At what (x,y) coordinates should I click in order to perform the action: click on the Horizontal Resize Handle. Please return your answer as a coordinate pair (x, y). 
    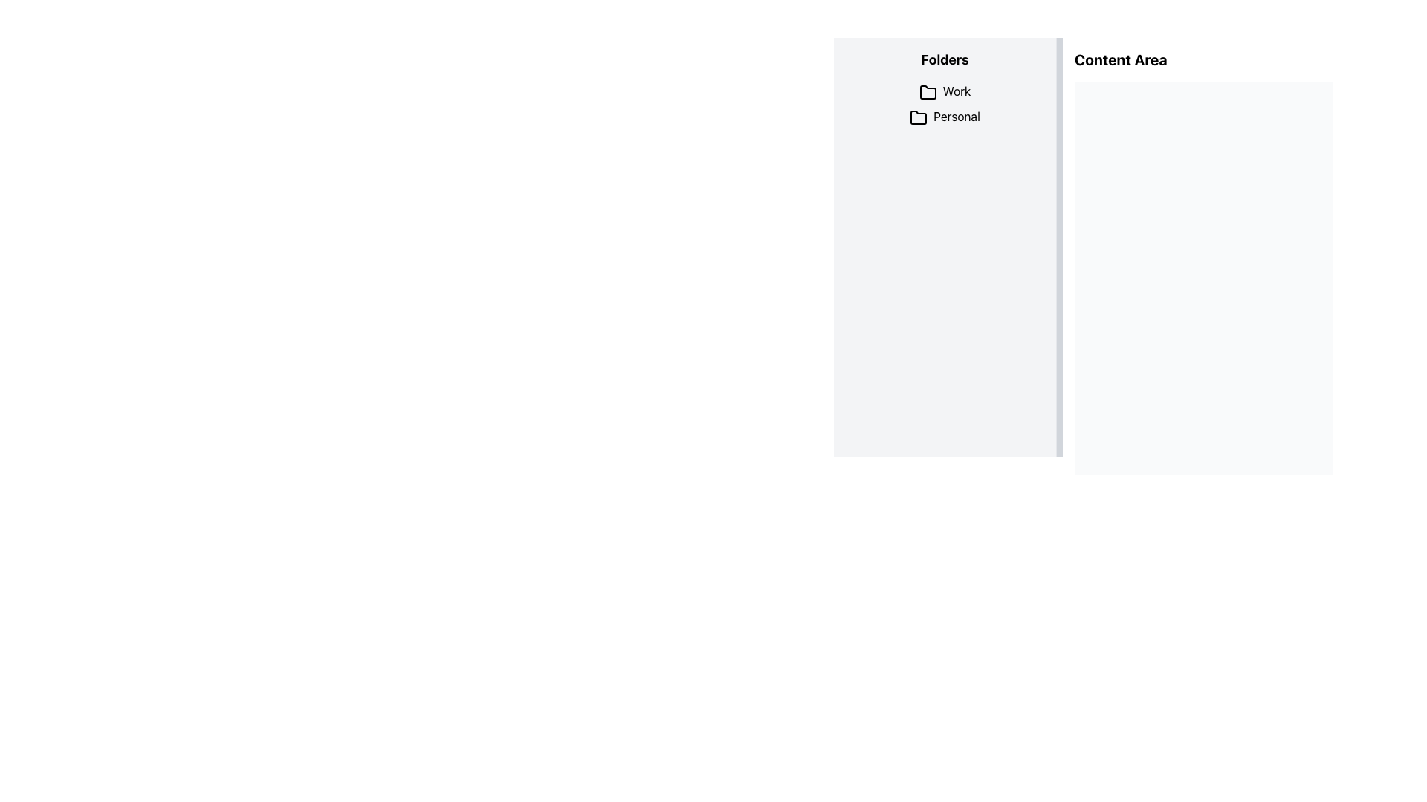
    Looking at the image, I should click on (1058, 246).